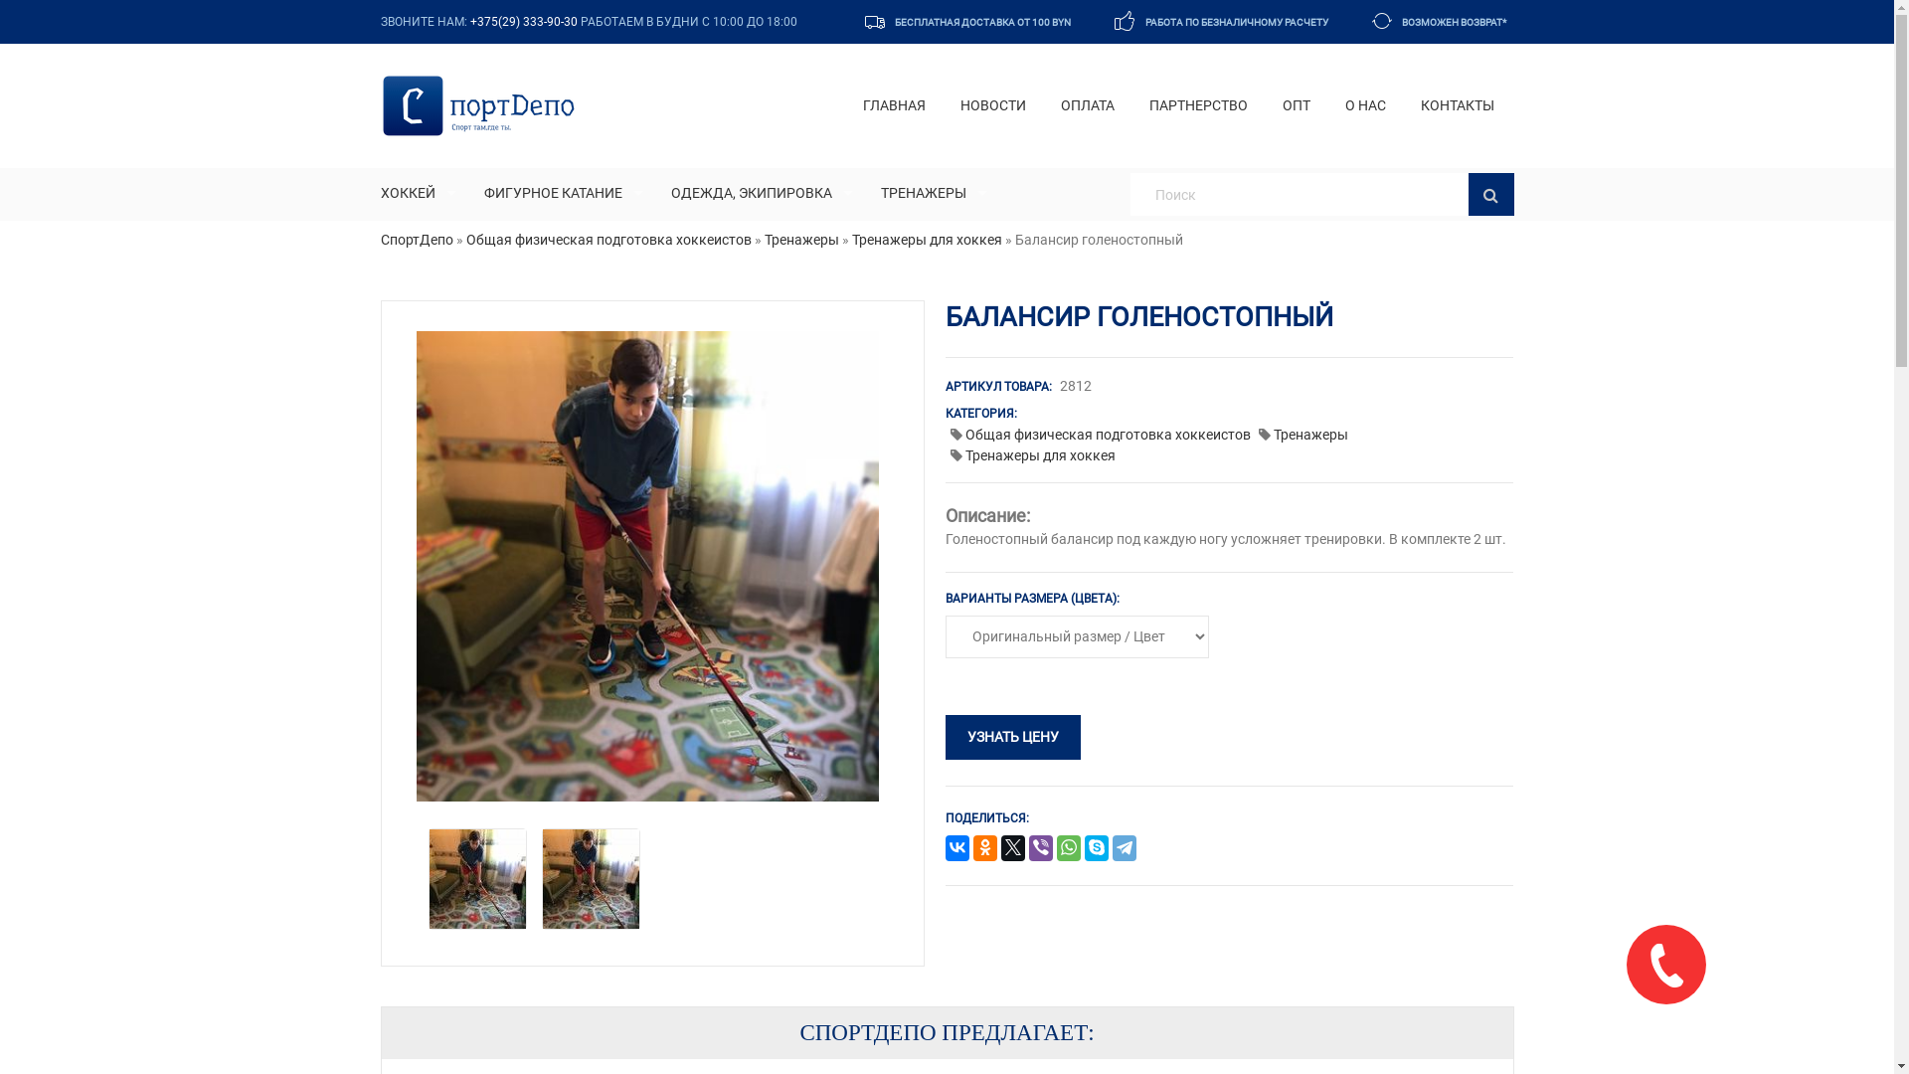  What do you see at coordinates (1068, 848) in the screenshot?
I see `'WhatsApp'` at bounding box center [1068, 848].